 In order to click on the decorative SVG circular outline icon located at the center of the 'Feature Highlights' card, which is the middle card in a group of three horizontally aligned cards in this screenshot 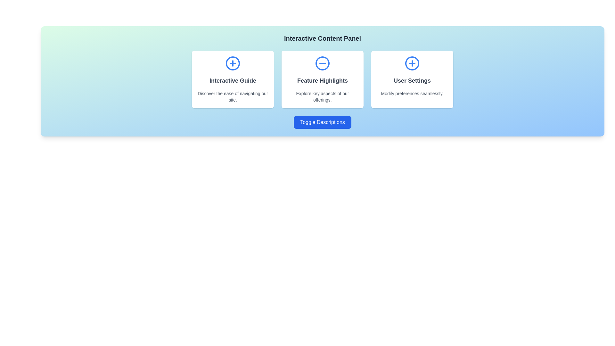, I will do `click(323, 63)`.